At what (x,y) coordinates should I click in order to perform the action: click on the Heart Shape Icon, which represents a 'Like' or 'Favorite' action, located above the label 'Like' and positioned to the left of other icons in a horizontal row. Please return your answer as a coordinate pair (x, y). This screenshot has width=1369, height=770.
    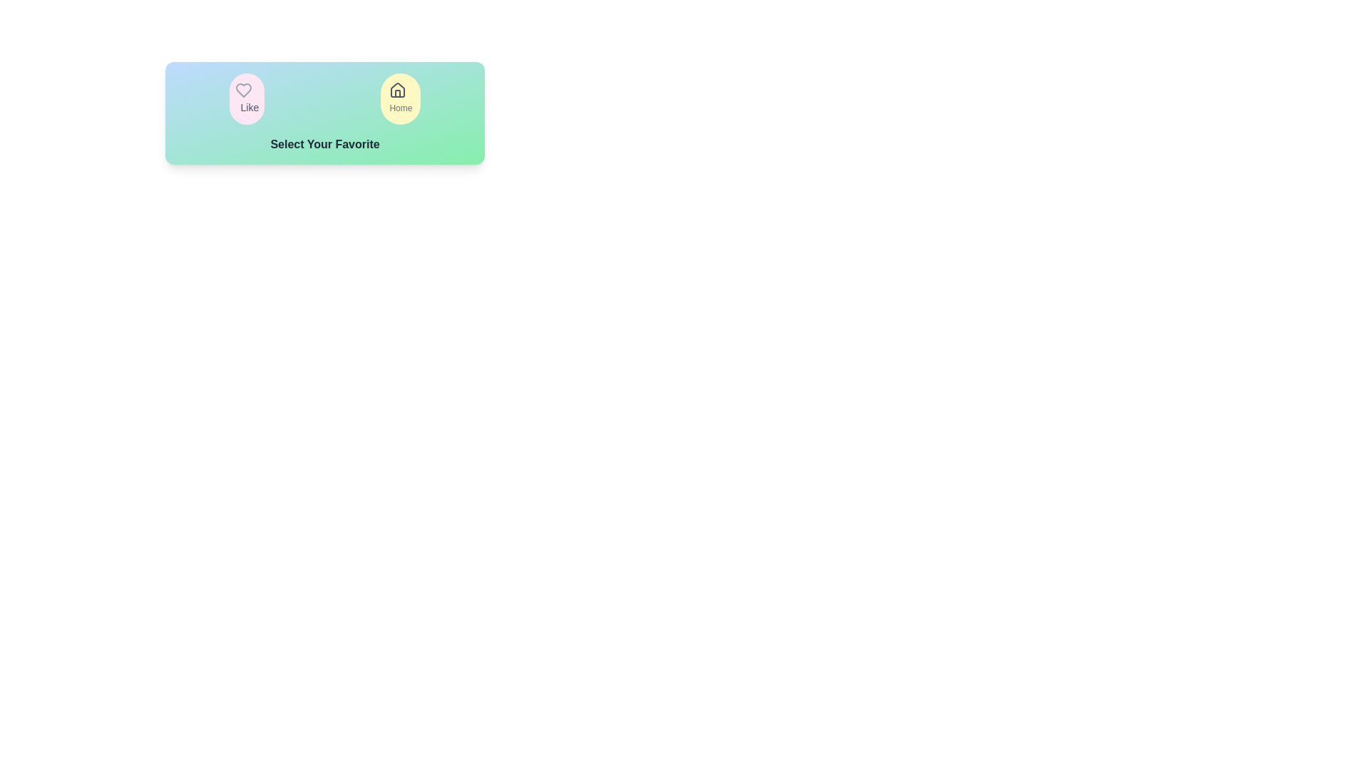
    Looking at the image, I should click on (243, 91).